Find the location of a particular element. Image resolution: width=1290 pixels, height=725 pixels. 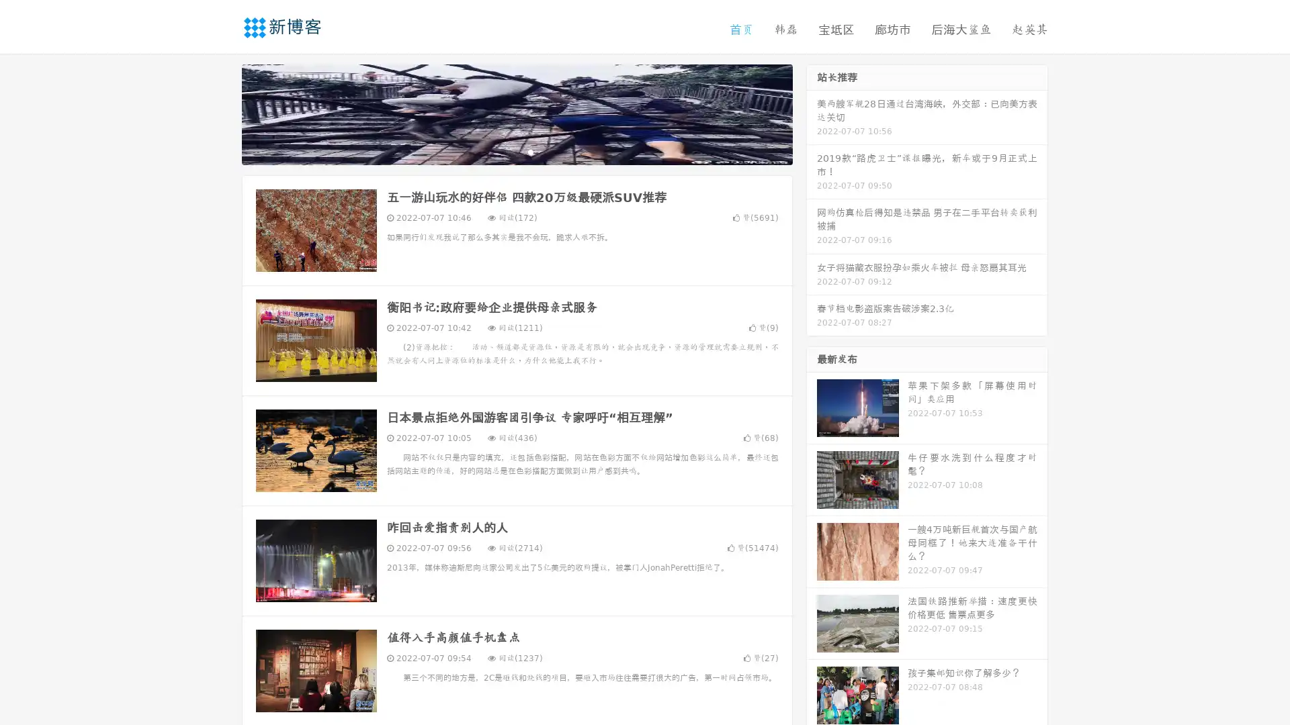

Next slide is located at coordinates (812, 113).